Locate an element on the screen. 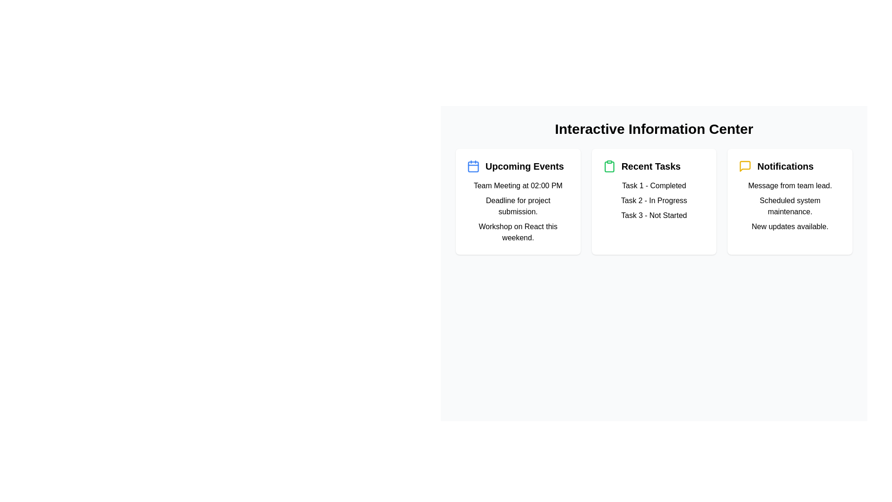 Image resolution: width=892 pixels, height=502 pixels. the 'Notifications' header text, which is a bold, large font label located in the top-right corner of its section, next to a yellow message icon is located at coordinates (785, 166).